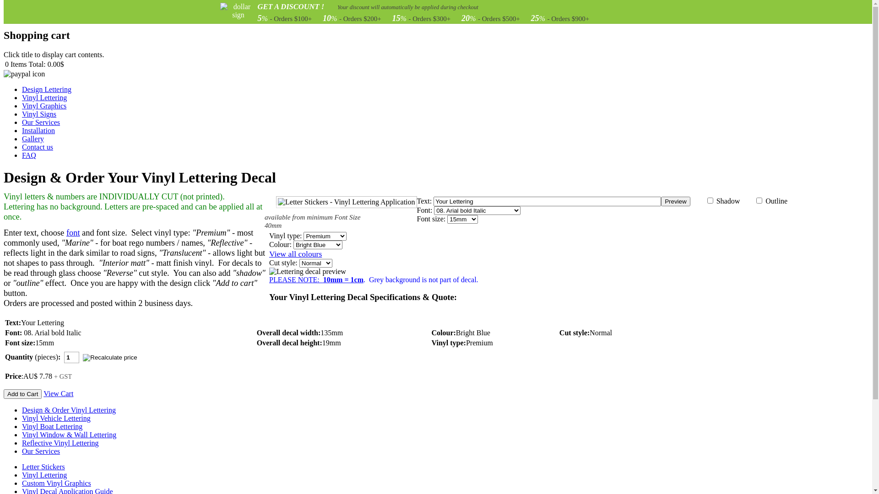  I want to click on 'Reflective Vinyl Lettering', so click(22, 442).